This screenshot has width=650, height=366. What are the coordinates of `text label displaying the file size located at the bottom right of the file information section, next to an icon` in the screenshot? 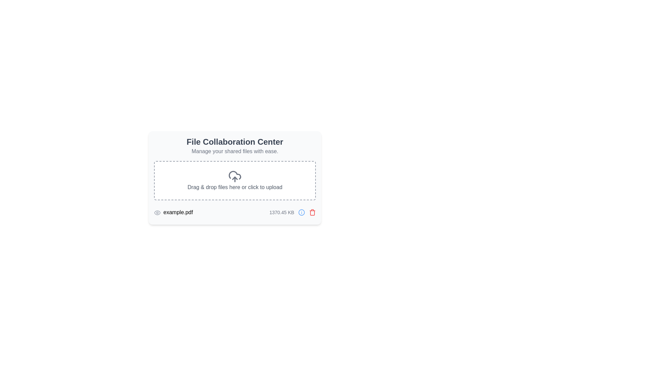 It's located at (292, 212).